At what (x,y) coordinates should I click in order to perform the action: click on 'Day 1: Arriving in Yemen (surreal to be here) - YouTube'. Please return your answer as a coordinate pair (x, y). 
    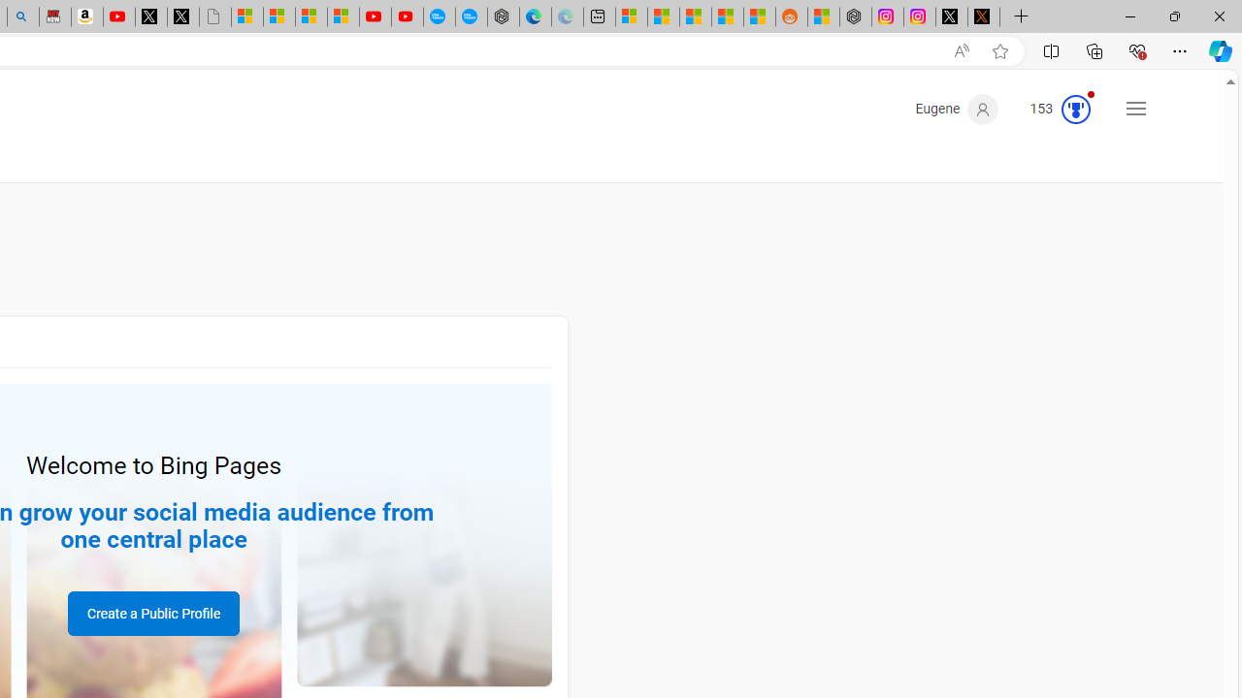
    Looking at the image, I should click on (118, 16).